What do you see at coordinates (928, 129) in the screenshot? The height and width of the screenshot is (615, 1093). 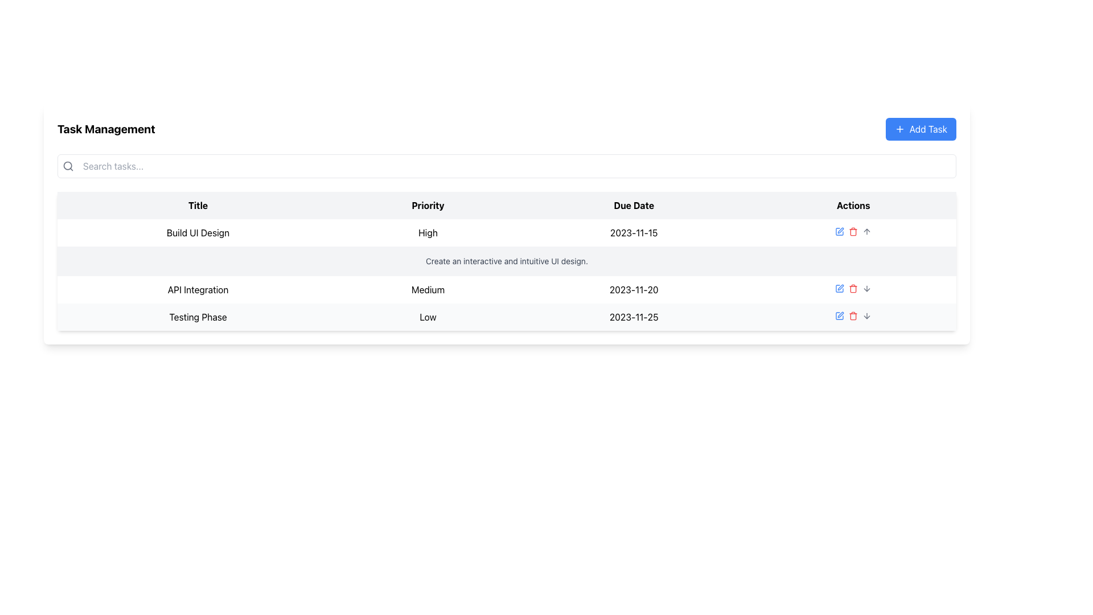 I see `text displayed in the white sans-serif font labeled 'Add Task', which is located inside a blue button in the top-right corner of the layout` at bounding box center [928, 129].